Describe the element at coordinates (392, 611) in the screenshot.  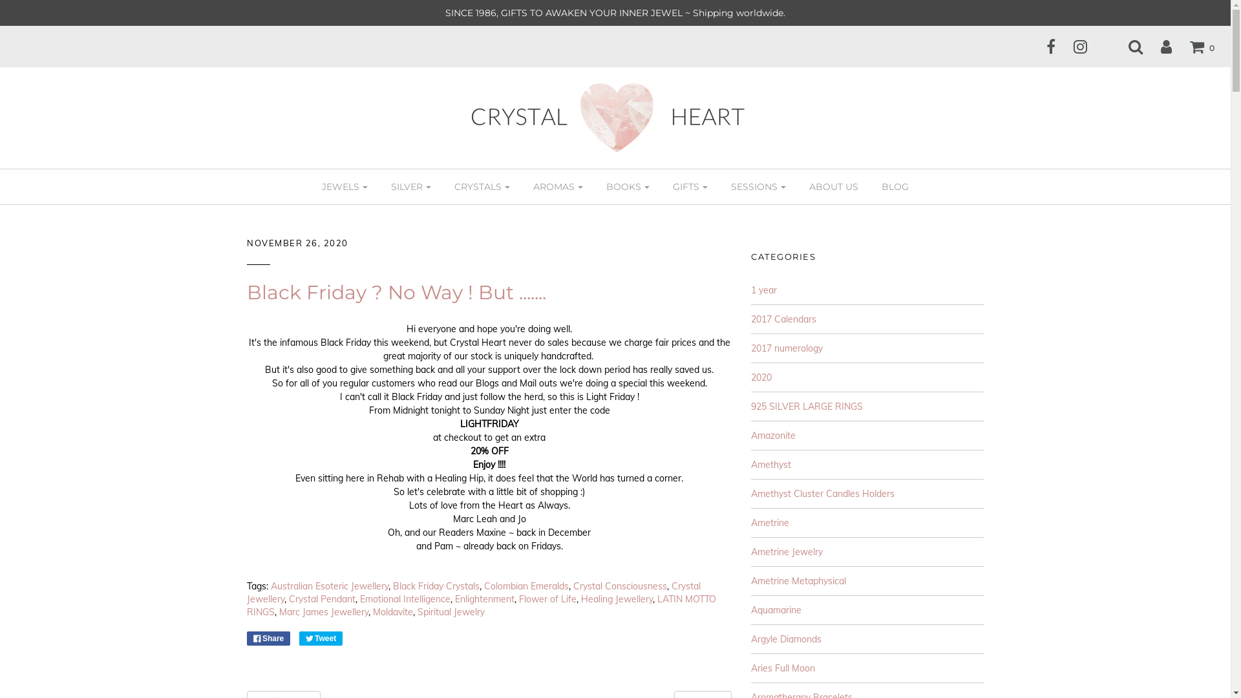
I see `'Moldavite'` at that location.